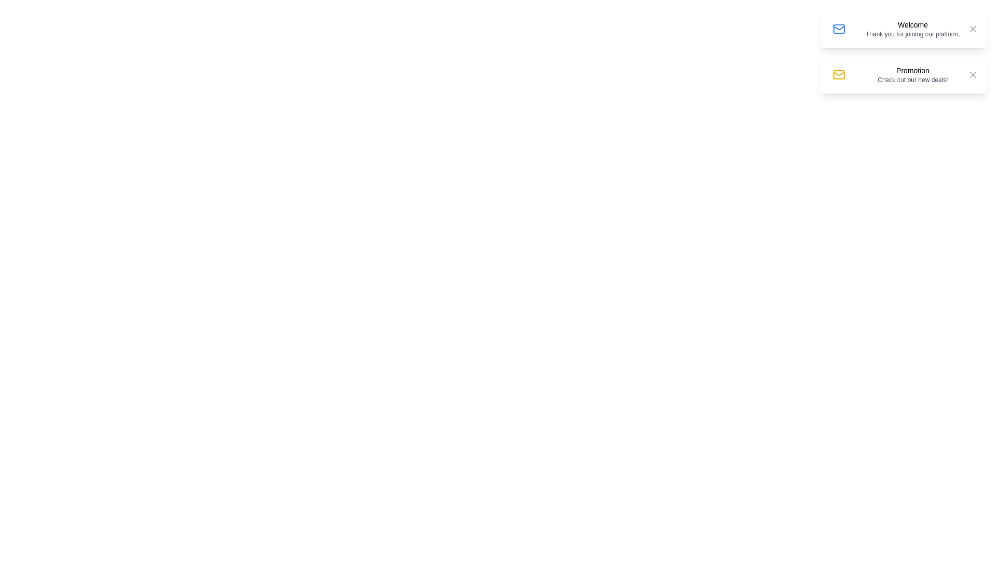 This screenshot has height=561, width=997. Describe the element at coordinates (839, 74) in the screenshot. I see `promotional message icon located in the top-left corner of the 'Promotion' notification card` at that location.